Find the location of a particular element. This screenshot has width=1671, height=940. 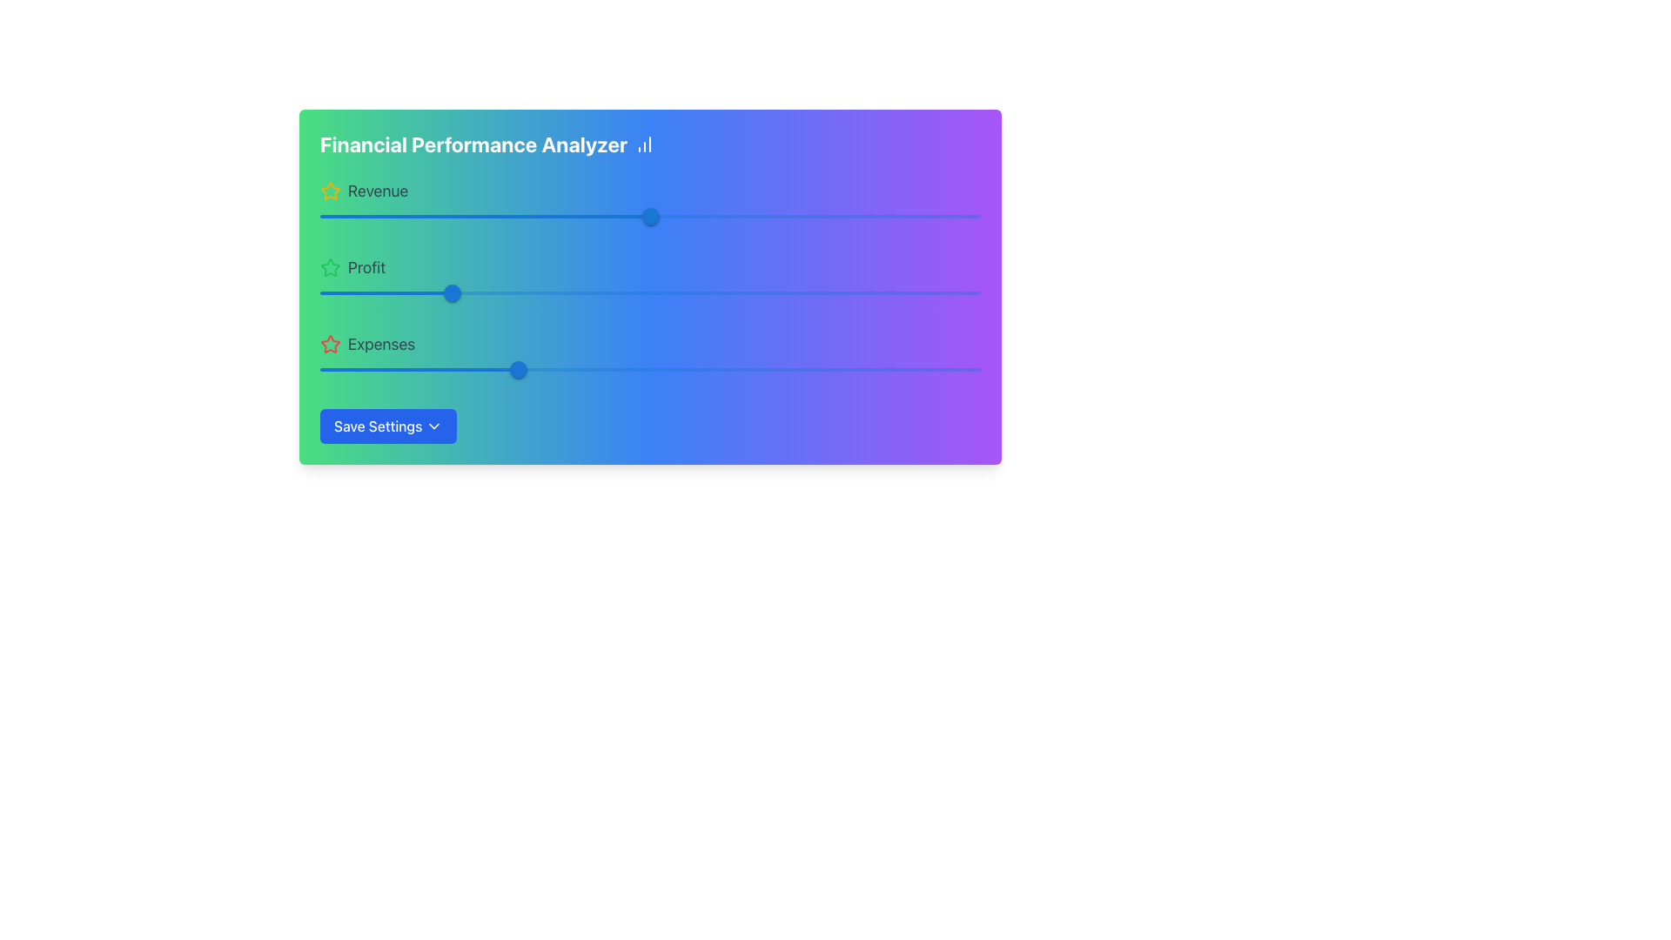

the Expenses slider is located at coordinates (960, 368).